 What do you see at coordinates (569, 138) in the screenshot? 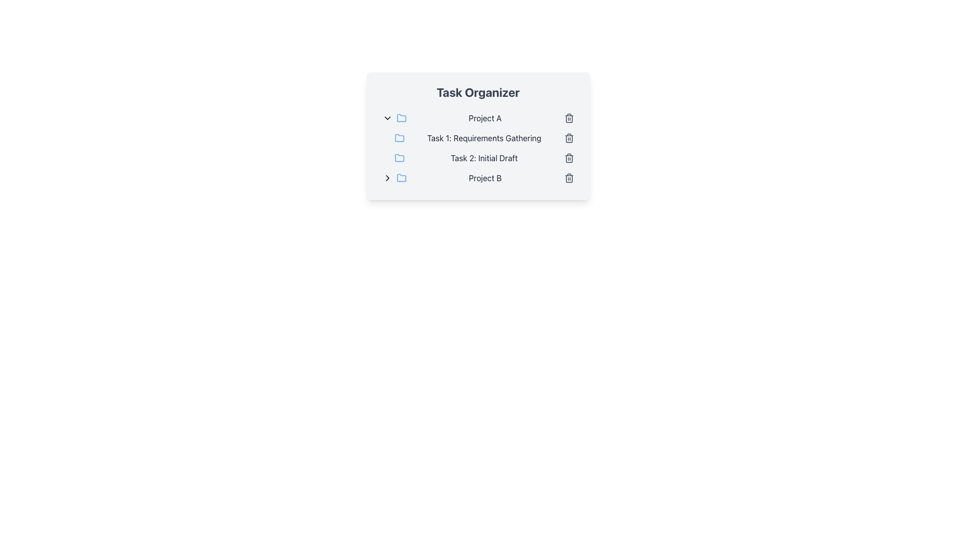
I see `the trash icon button, which is a simplistic gray trash icon with a rectangular outline, positioned at the far right of the 'Task 1: Requirements Gathering' list item` at bounding box center [569, 138].